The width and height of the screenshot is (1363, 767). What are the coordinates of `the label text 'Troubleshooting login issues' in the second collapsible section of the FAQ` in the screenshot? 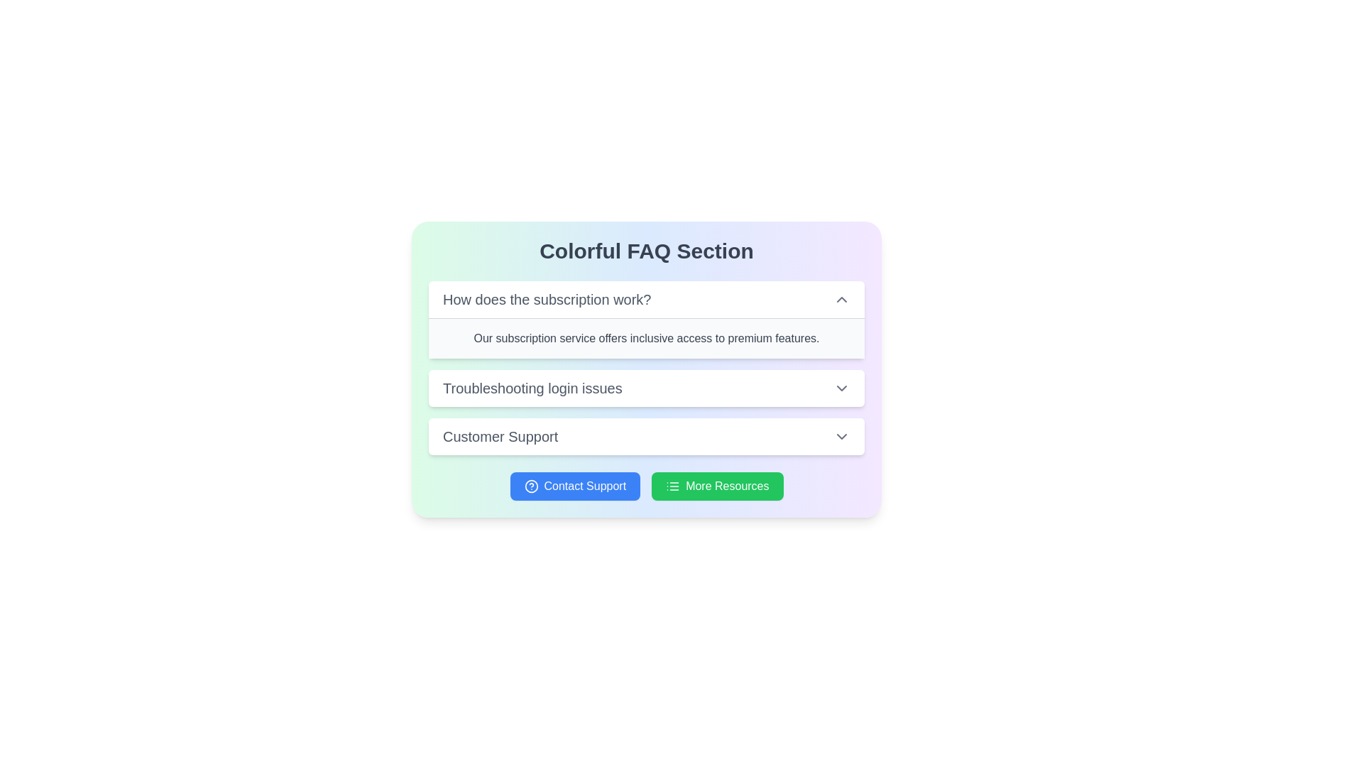 It's located at (532, 388).